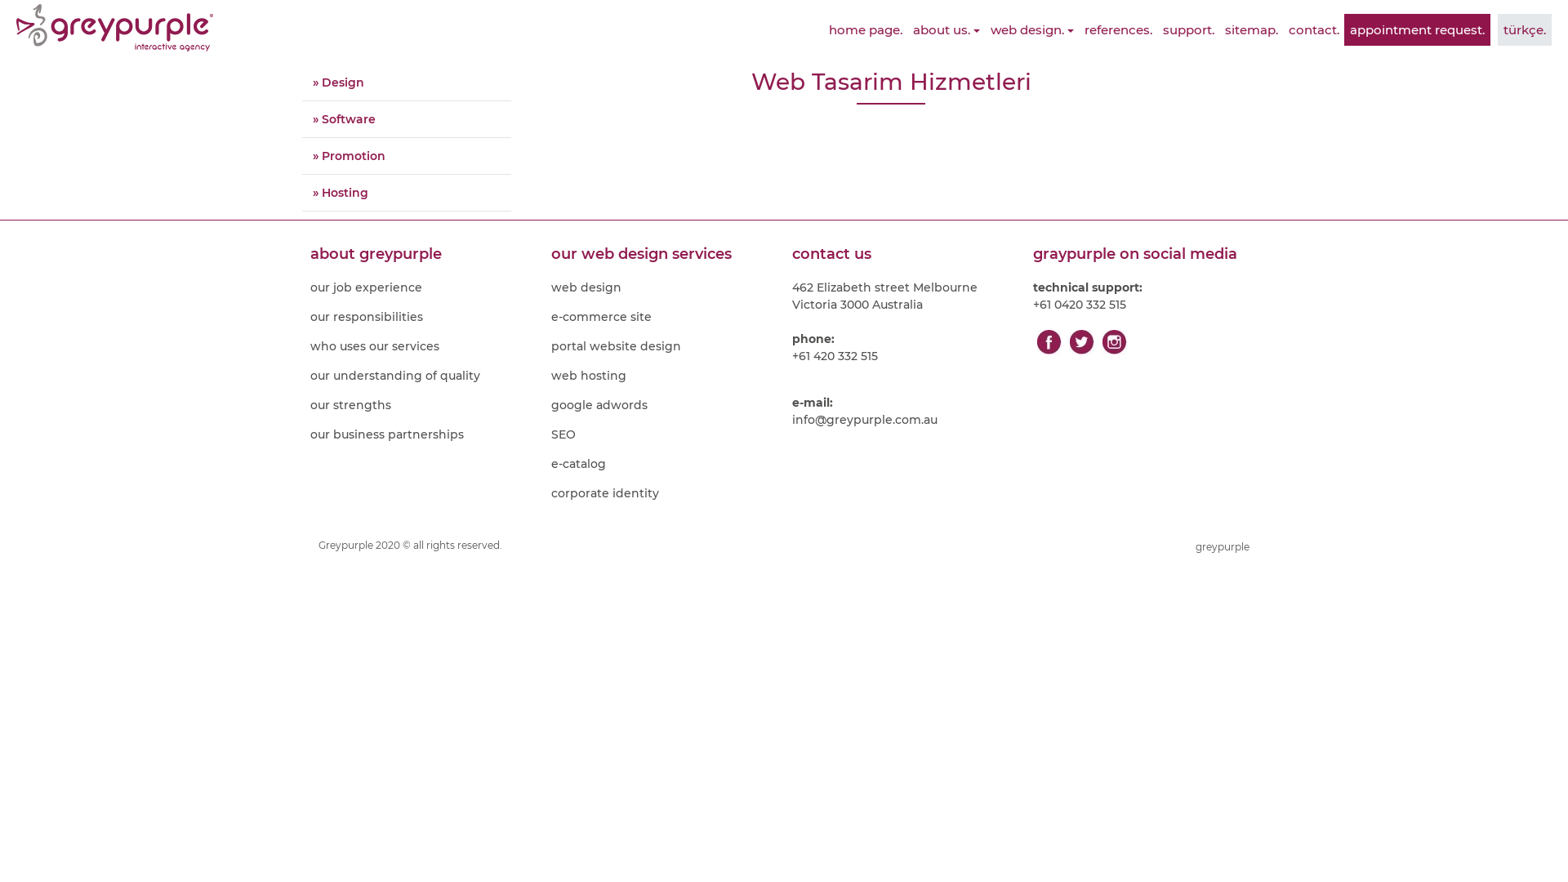 The image size is (1568, 882). What do you see at coordinates (1416, 29) in the screenshot?
I see `'appointment request.'` at bounding box center [1416, 29].